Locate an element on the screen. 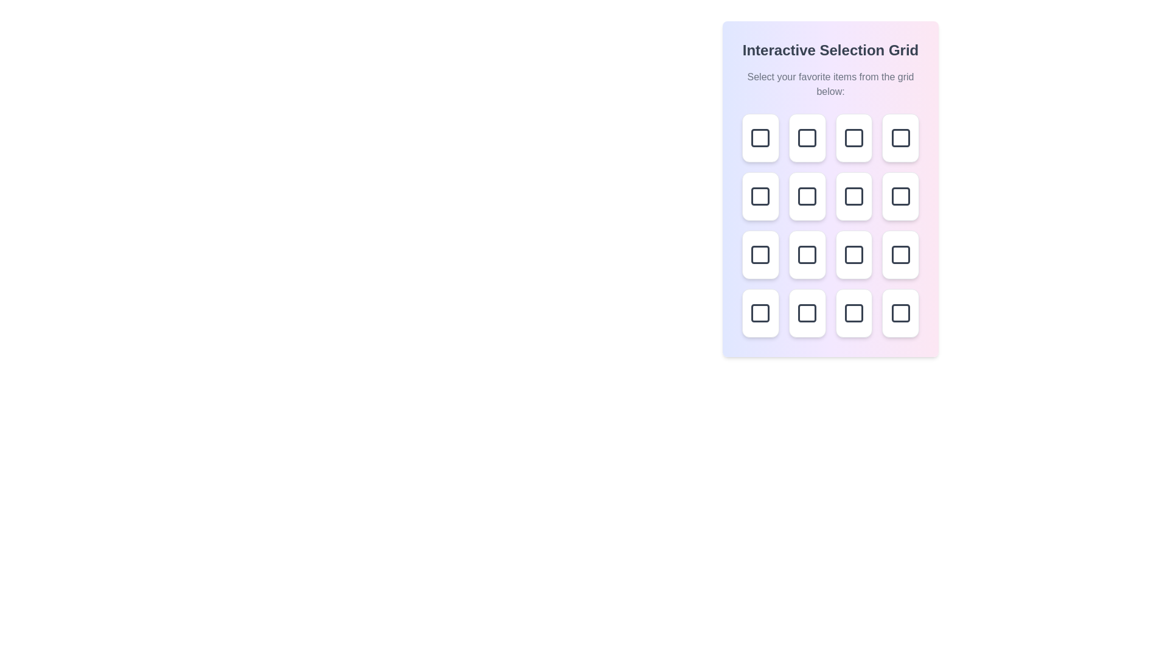  the small rectangle located in the middle element of the third row of the 4x4 grid within the 'Interactive Selection Grid' panel is located at coordinates (807, 196).